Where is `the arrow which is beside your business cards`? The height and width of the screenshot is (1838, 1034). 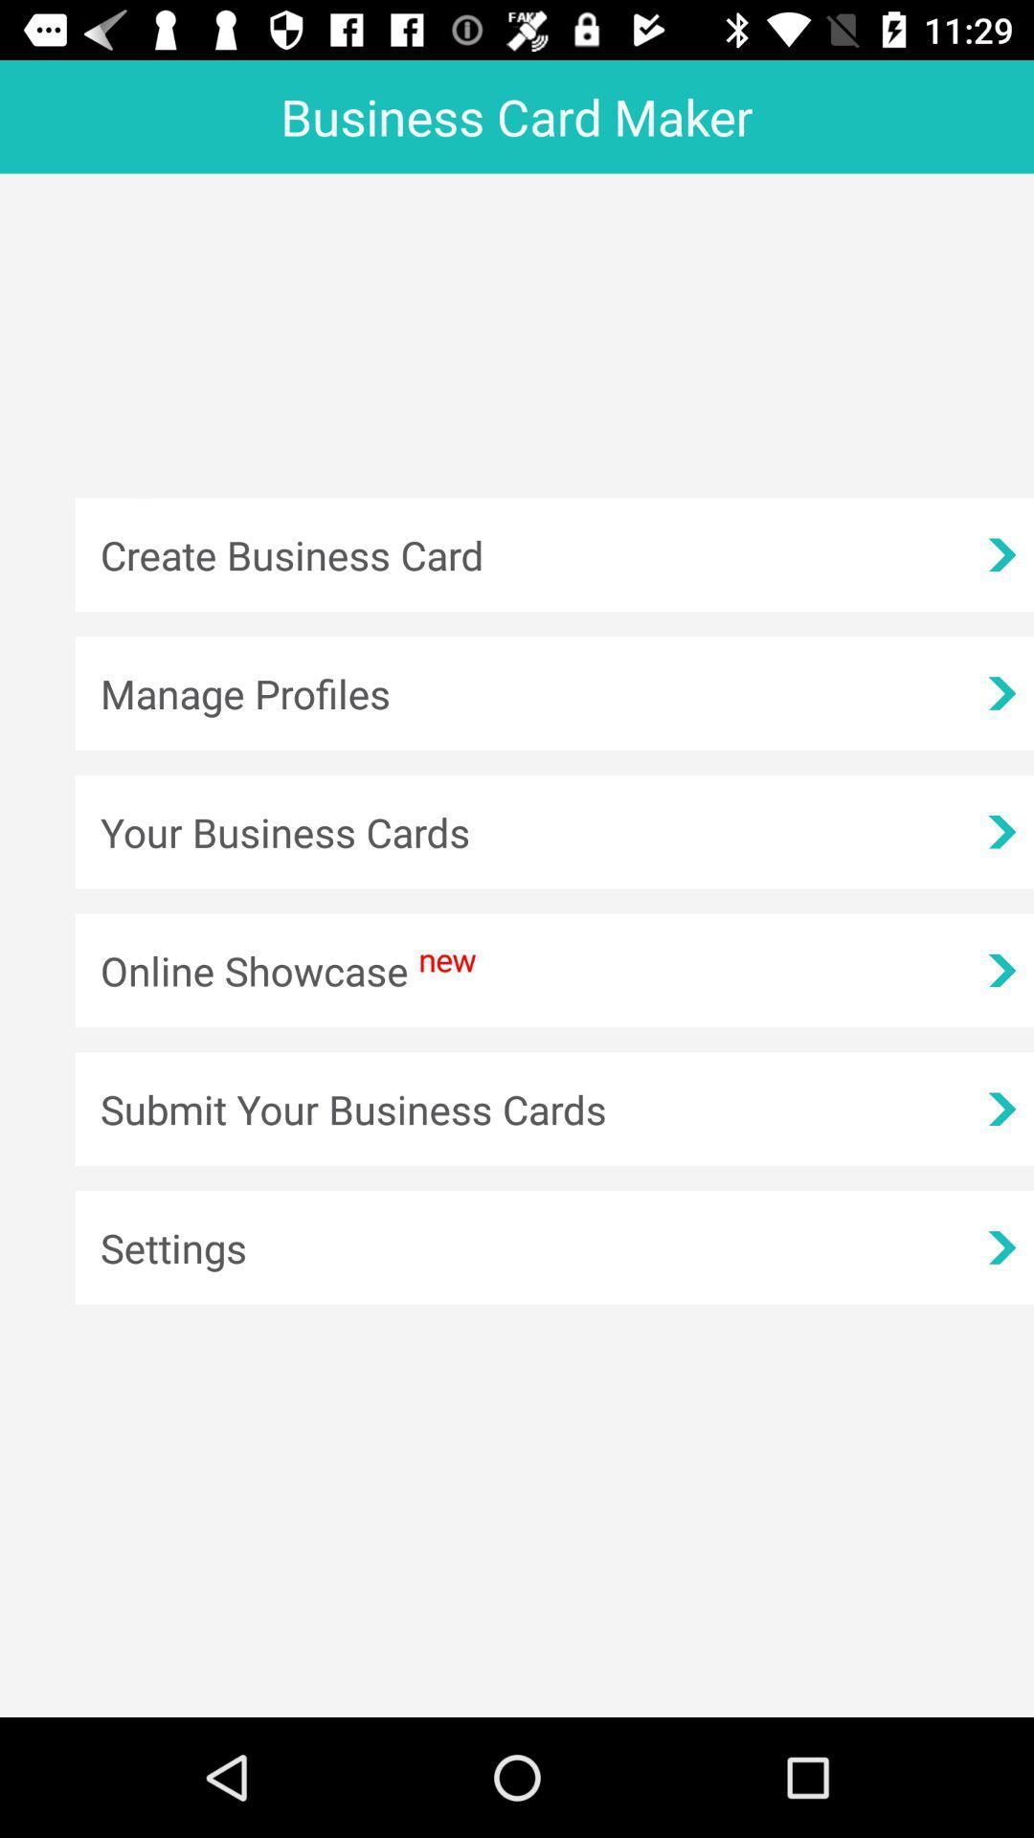 the arrow which is beside your business cards is located at coordinates (1000, 832).